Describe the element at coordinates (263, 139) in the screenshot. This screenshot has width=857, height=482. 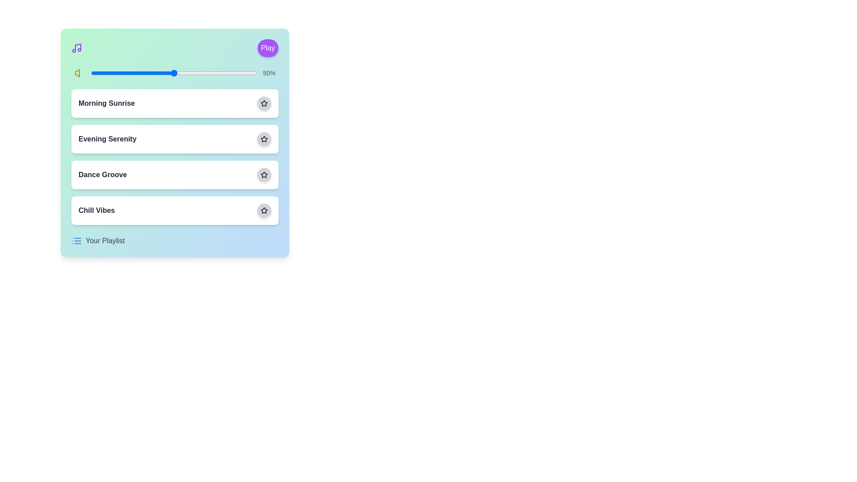
I see `the star-shaped interactive icon` at that location.